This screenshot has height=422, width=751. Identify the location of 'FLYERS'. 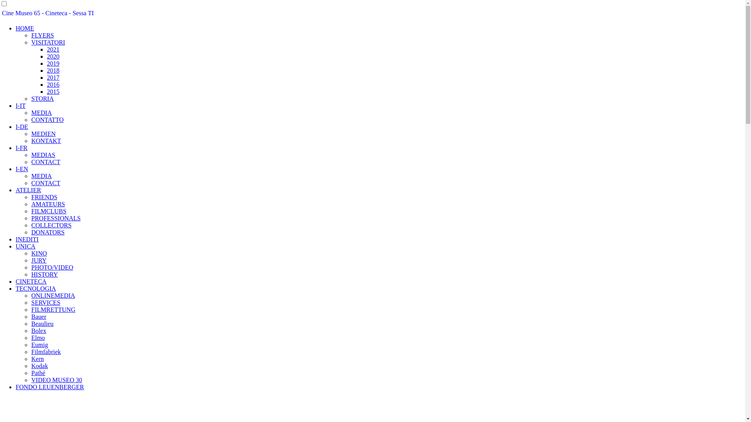
(42, 35).